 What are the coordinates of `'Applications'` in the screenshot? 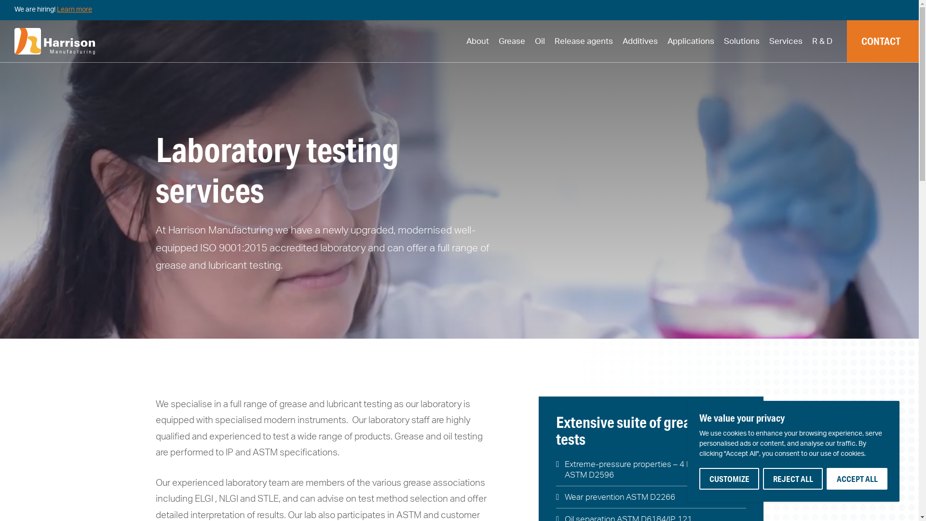 It's located at (667, 41).